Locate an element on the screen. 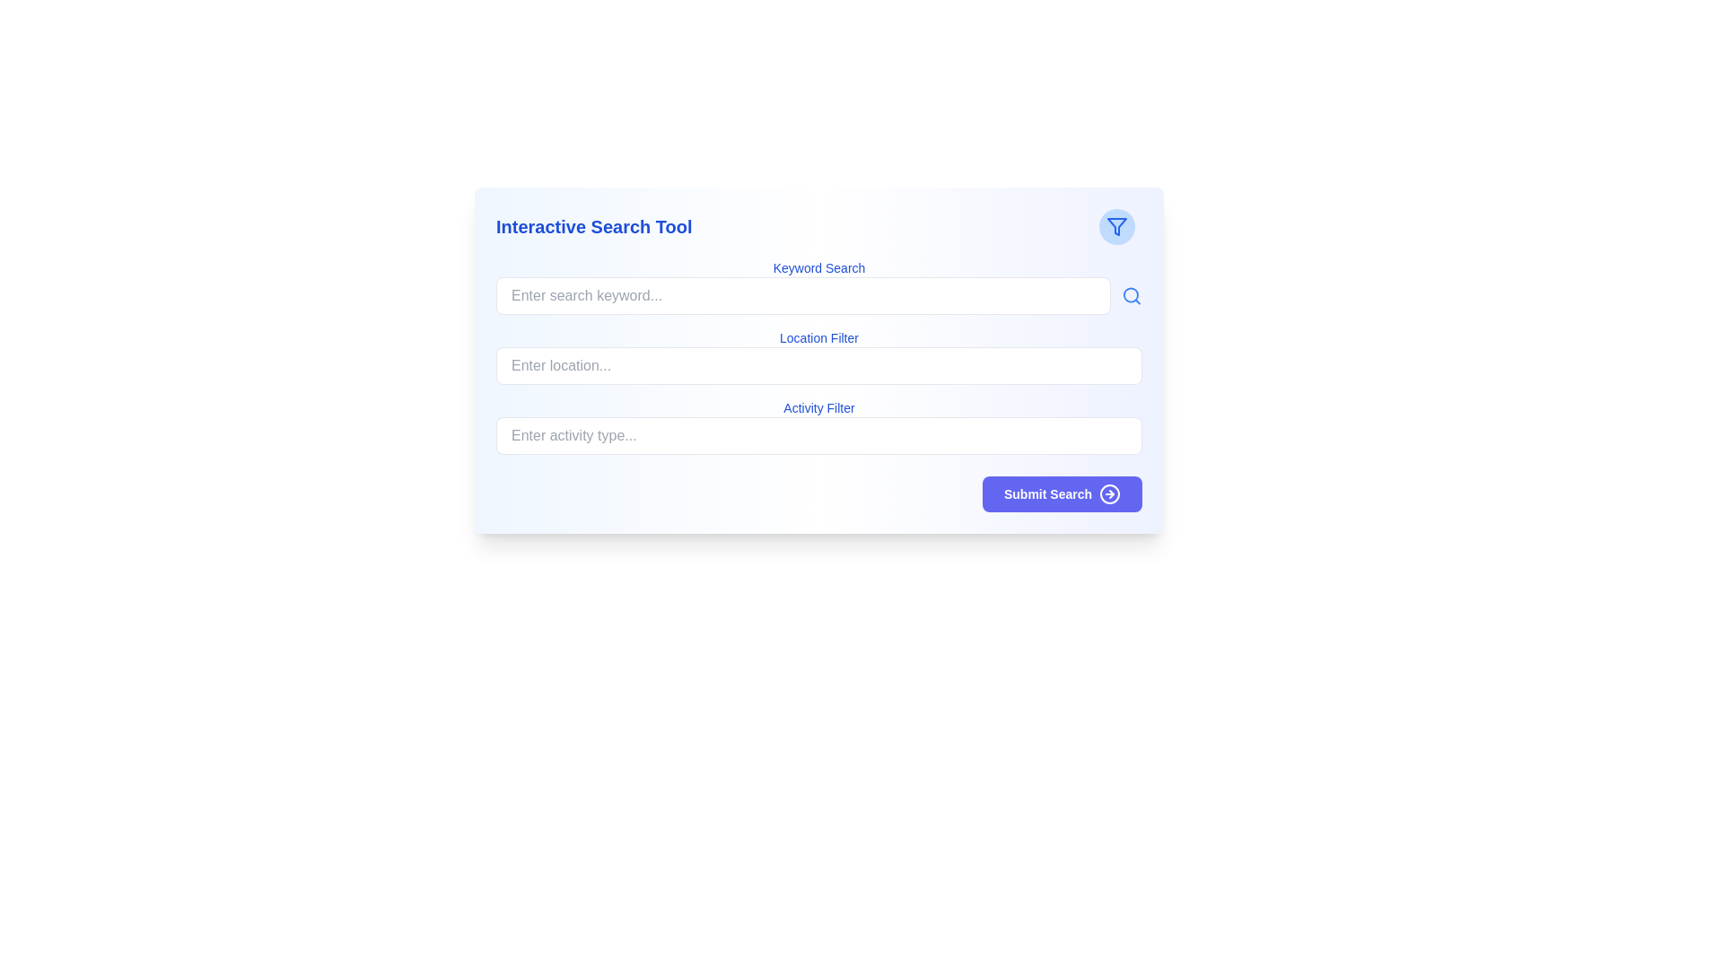 Image resolution: width=1723 pixels, height=969 pixels. the A labeled text input field for filtering search results by tabbing to it is located at coordinates (818, 426).